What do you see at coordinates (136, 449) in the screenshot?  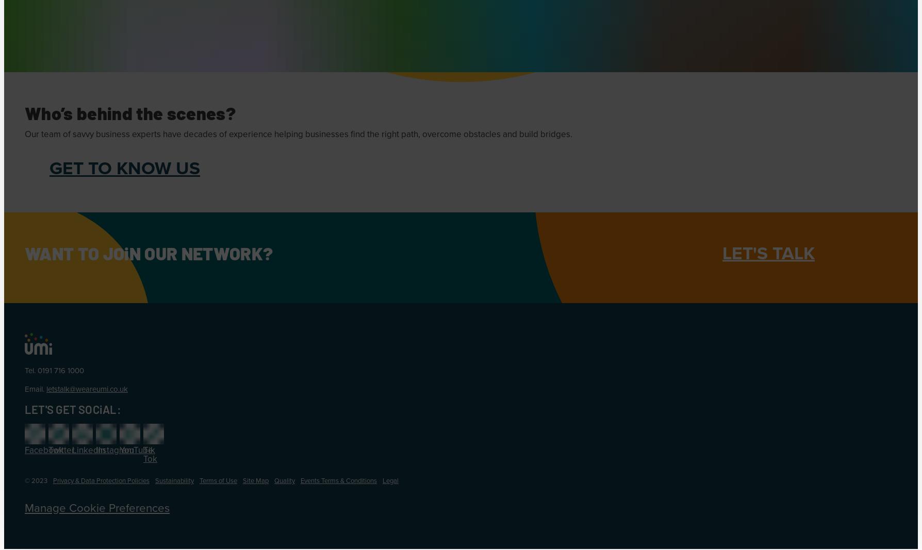 I see `'YouTube'` at bounding box center [136, 449].